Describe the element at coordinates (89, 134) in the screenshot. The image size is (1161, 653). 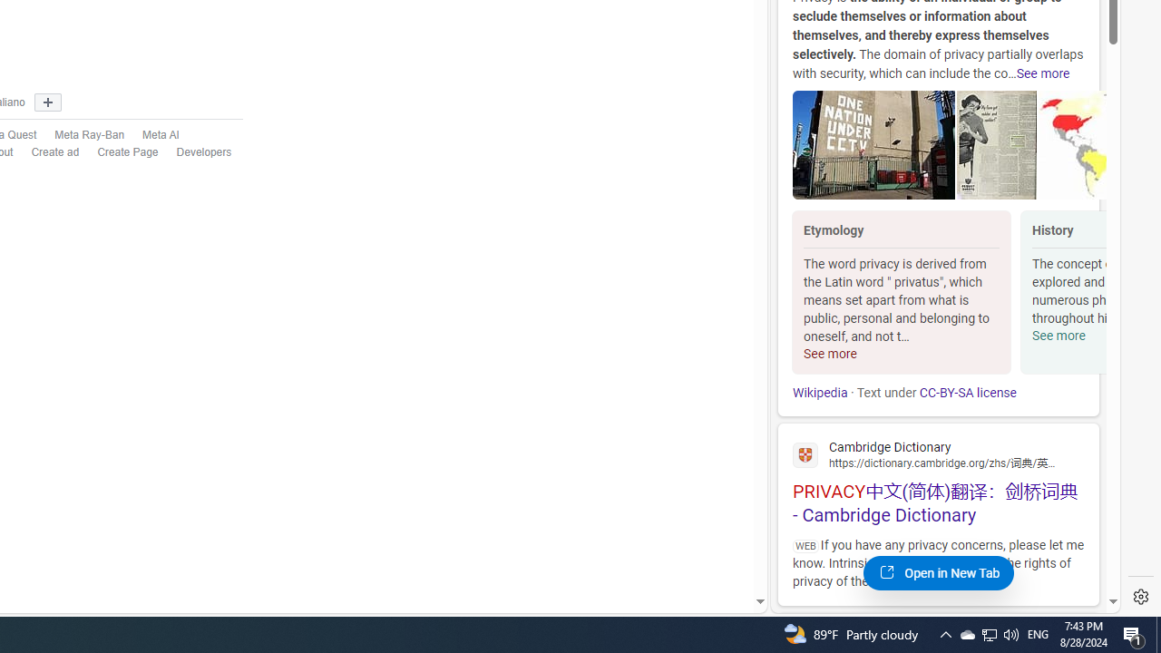
I see `'Meta Ray-Ban'` at that location.